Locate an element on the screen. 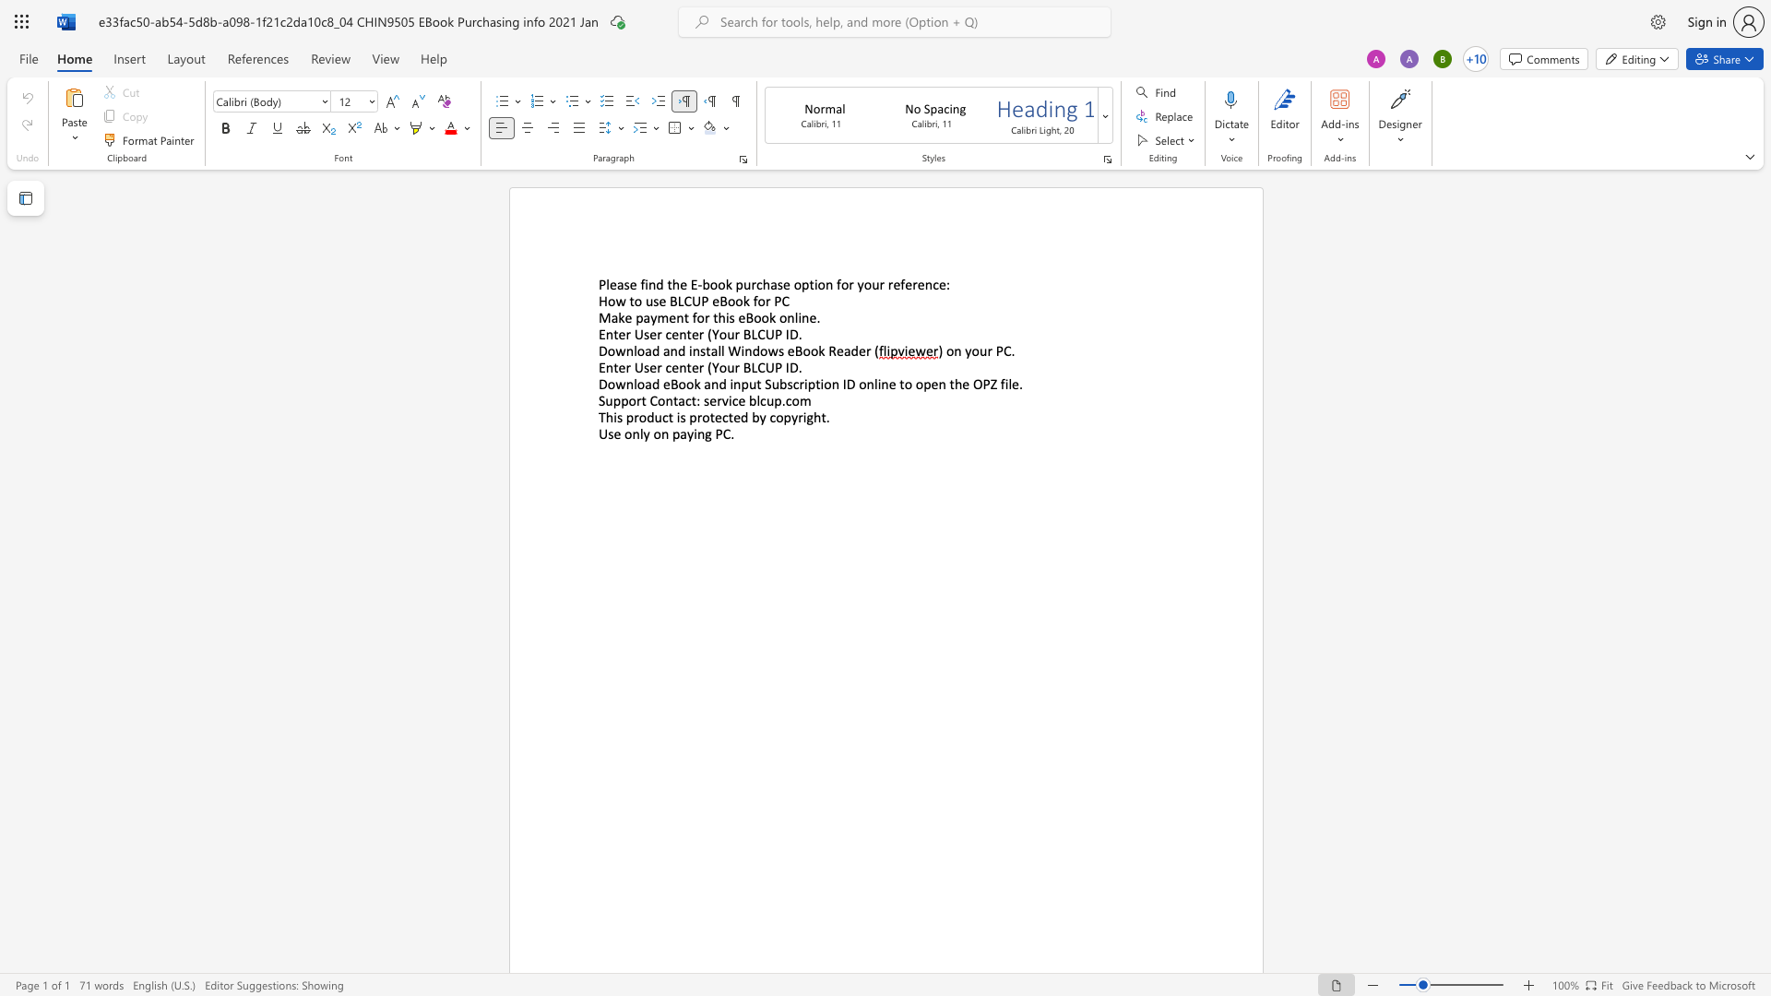 The height and width of the screenshot is (996, 1771). the space between the continuous character "e" and "B" in the text is located at coordinates (719, 300).